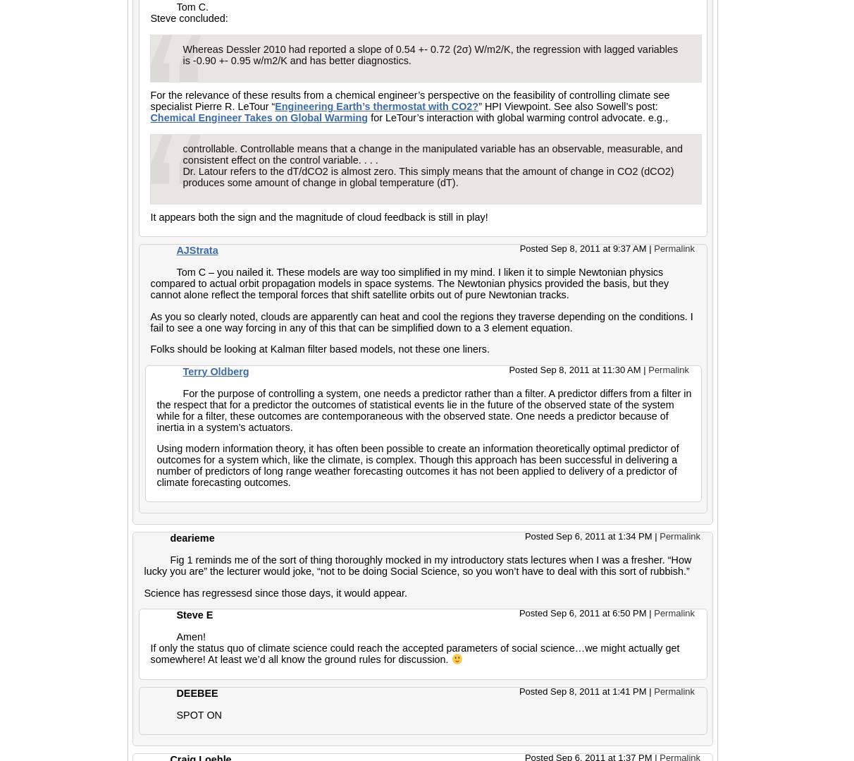 This screenshot has height=761, width=854. What do you see at coordinates (275, 592) in the screenshot?
I see `'Science has regressesd since those days, it would appear.'` at bounding box center [275, 592].